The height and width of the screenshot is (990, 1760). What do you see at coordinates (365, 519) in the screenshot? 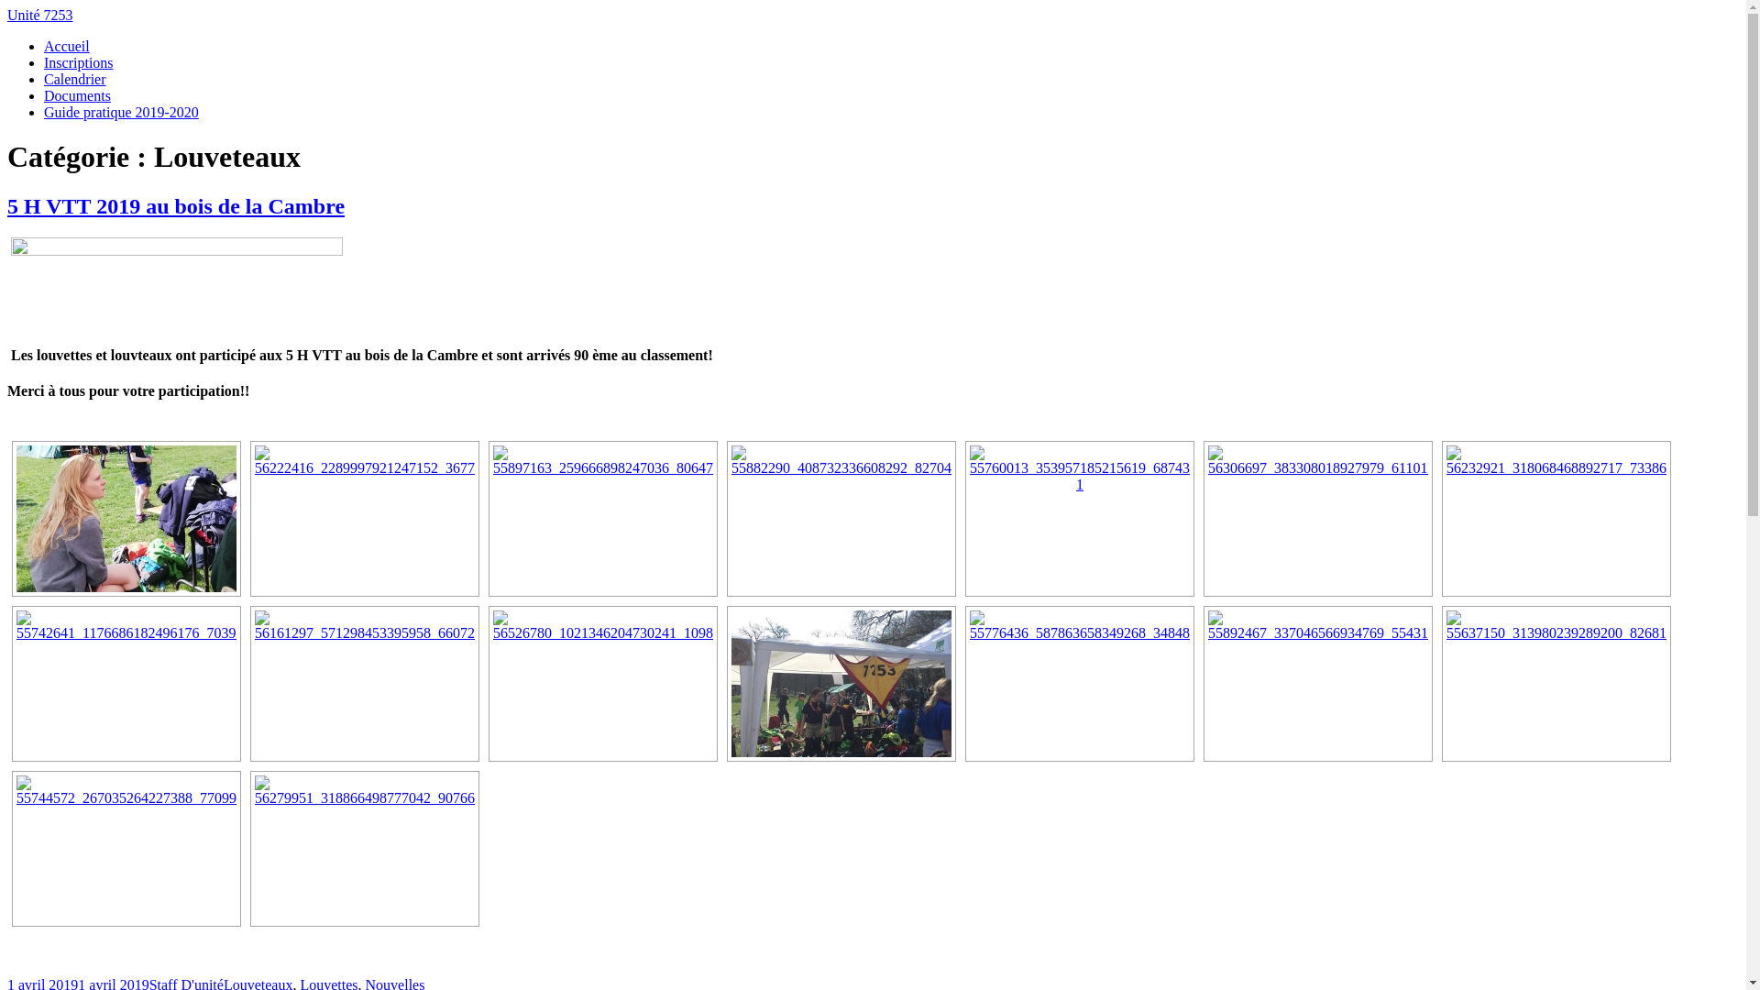
I see `'56222416_2289997921247152_3677128820176977920_n'` at bounding box center [365, 519].